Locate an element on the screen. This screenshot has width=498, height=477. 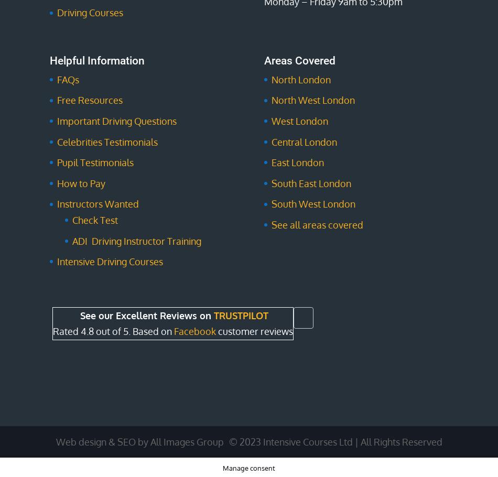
'FAQs' is located at coordinates (68, 78).